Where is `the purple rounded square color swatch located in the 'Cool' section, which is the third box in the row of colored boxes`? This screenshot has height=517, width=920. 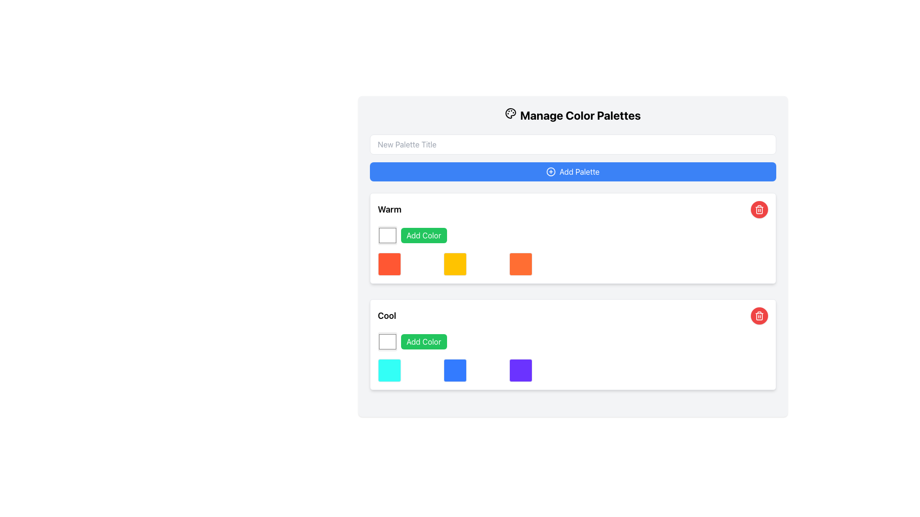
the purple rounded square color swatch located in the 'Cool' section, which is the third box in the row of colored boxes is located at coordinates (520, 370).